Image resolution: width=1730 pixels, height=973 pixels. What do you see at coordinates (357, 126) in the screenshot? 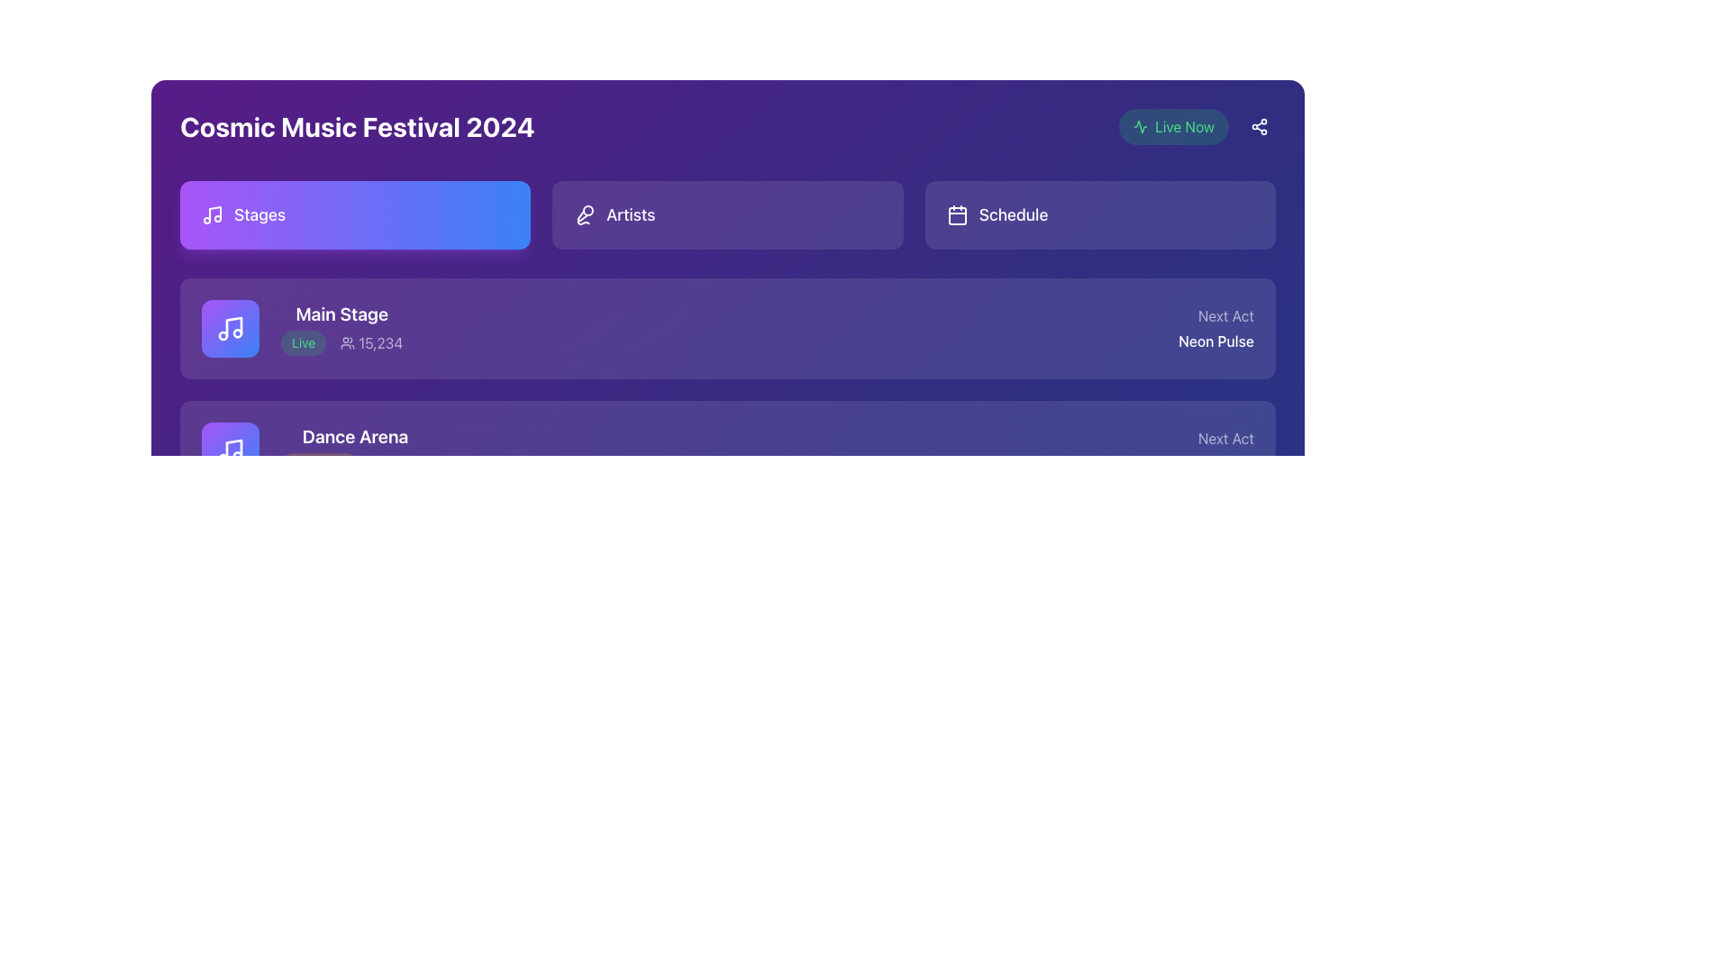
I see `the static text label or display header that prominently displays the name of the event or interface, located at the top-left corner of the interface` at bounding box center [357, 126].